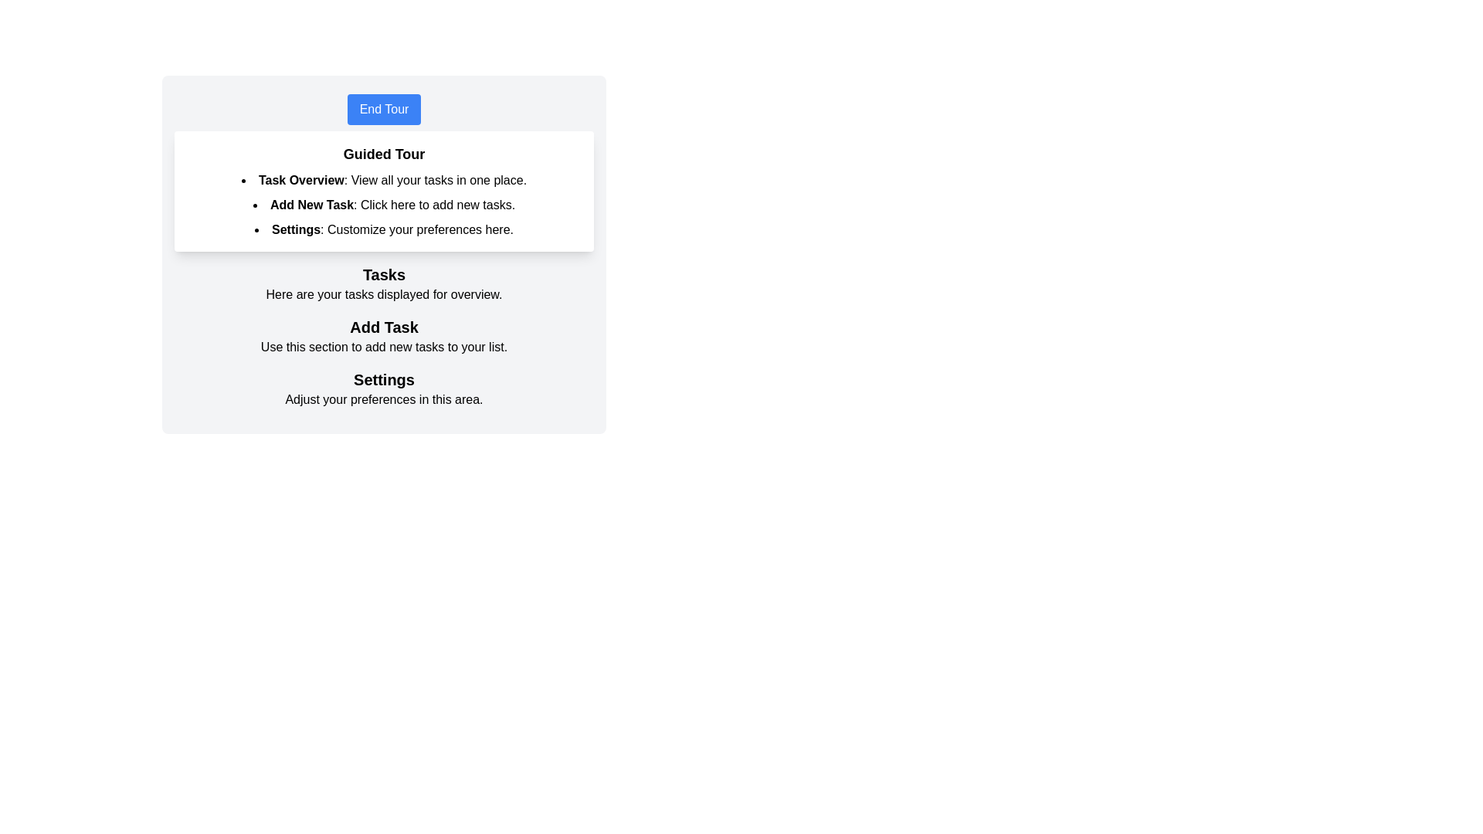 The width and height of the screenshot is (1483, 834). Describe the element at coordinates (384, 205) in the screenshot. I see `instructions provided by the Text Label located under the 'Guided Tour' section, specifically the second item between 'Task Overview' and 'Settings'` at that location.